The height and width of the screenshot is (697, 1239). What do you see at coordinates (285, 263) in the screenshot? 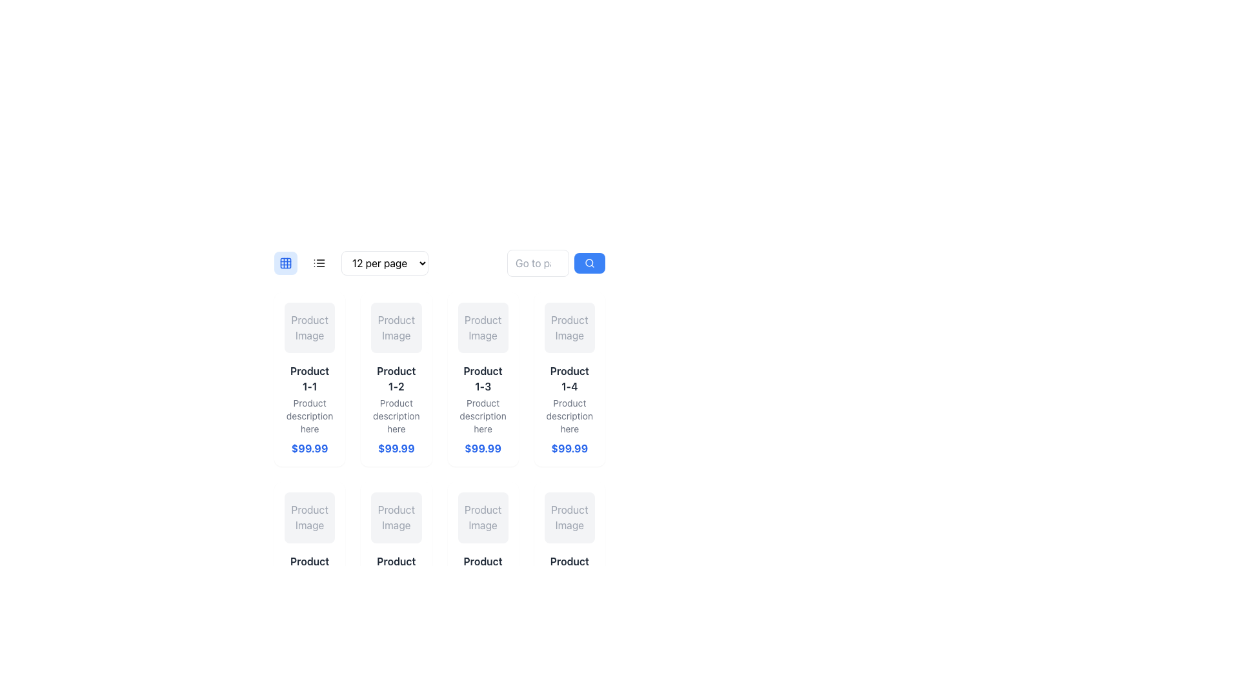
I see `the grid layout icon, which is an SVG-based icon located in the toolbar near the top-left corner, adjacent to the list icon, to toggle or display the grid layout` at bounding box center [285, 263].